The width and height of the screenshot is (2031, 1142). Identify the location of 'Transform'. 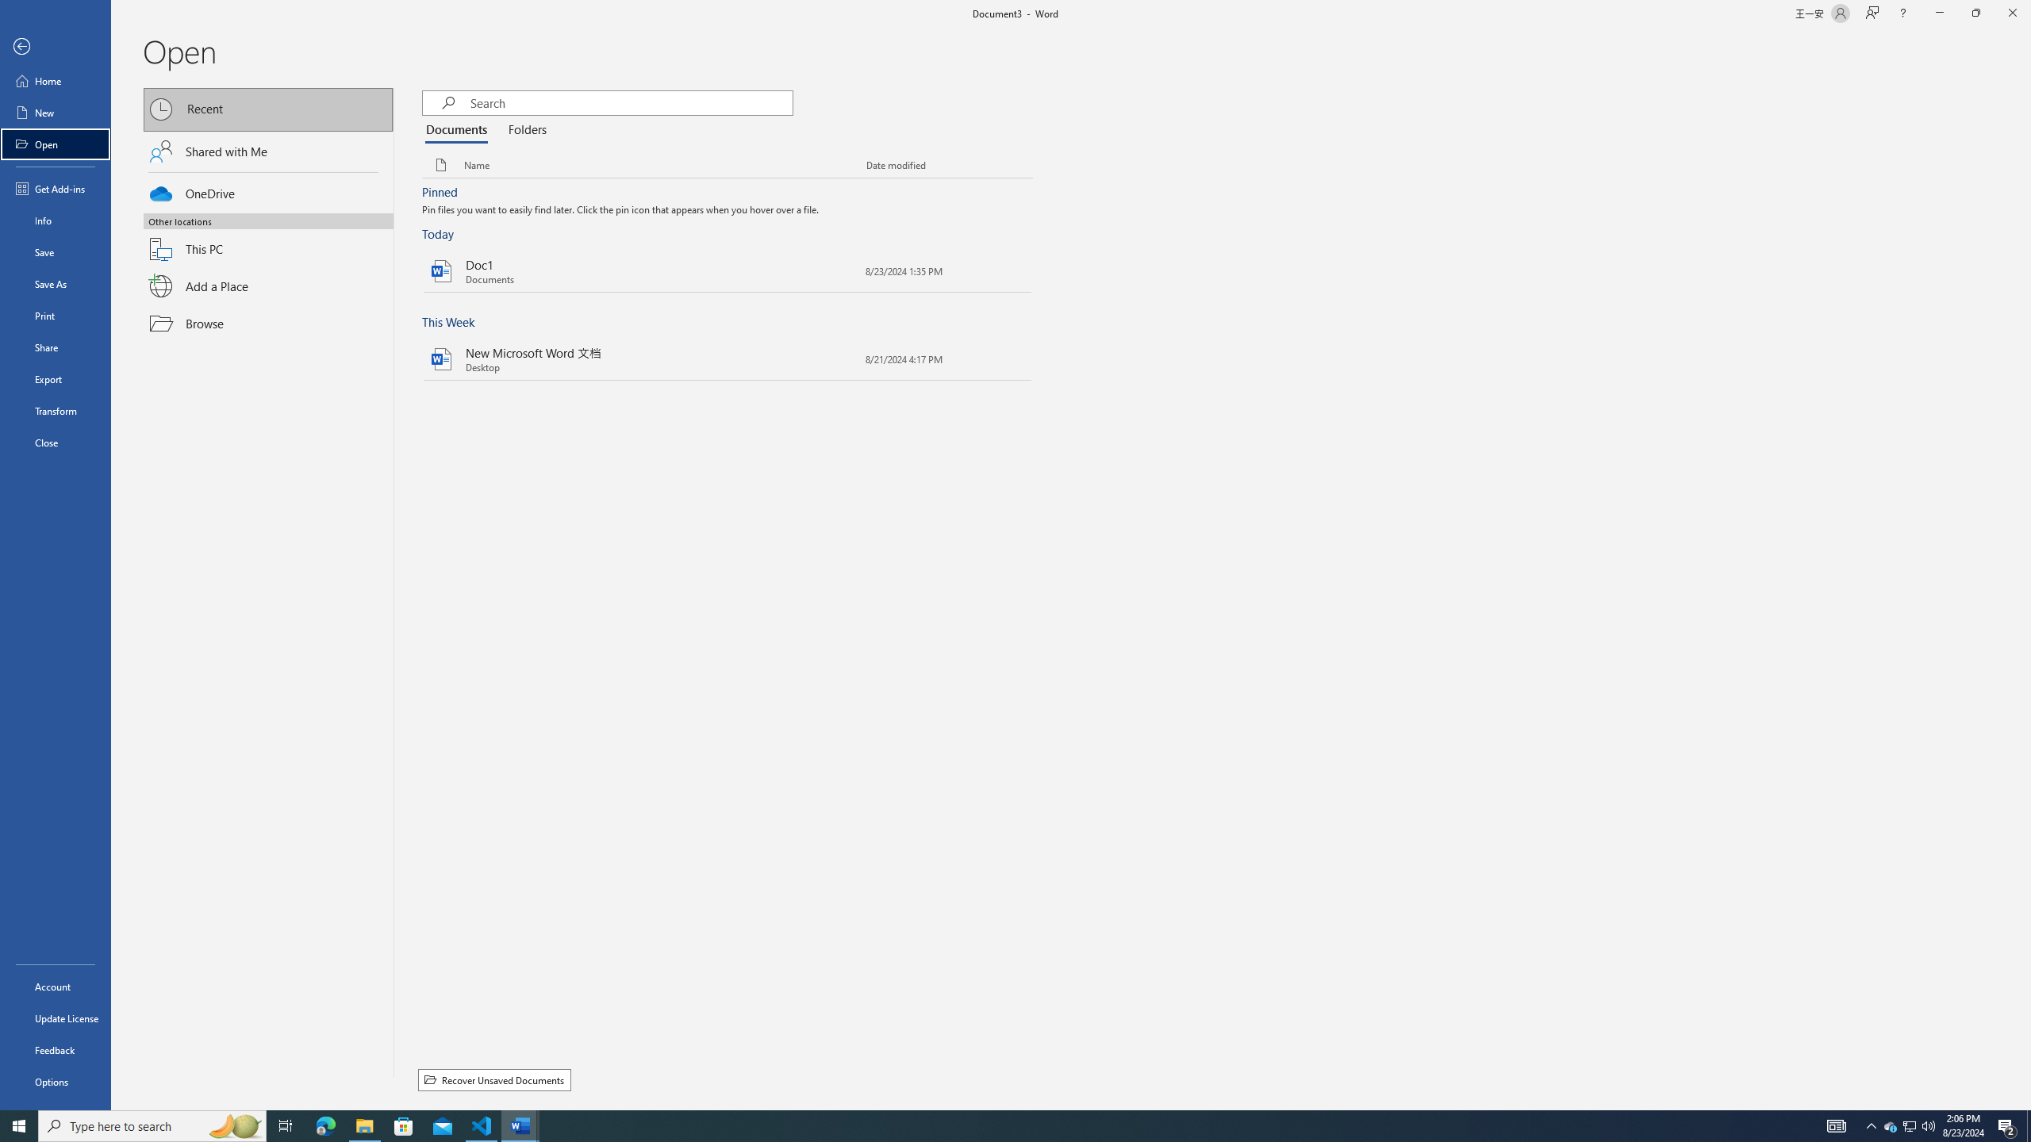
(55, 410).